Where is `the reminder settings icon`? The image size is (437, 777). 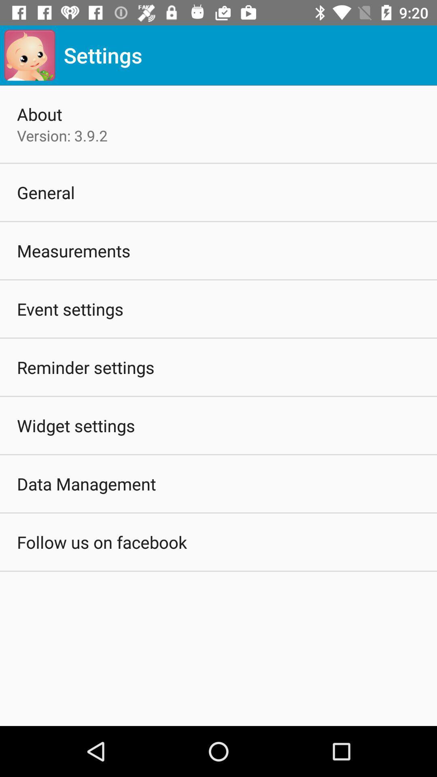
the reminder settings icon is located at coordinates (85, 367).